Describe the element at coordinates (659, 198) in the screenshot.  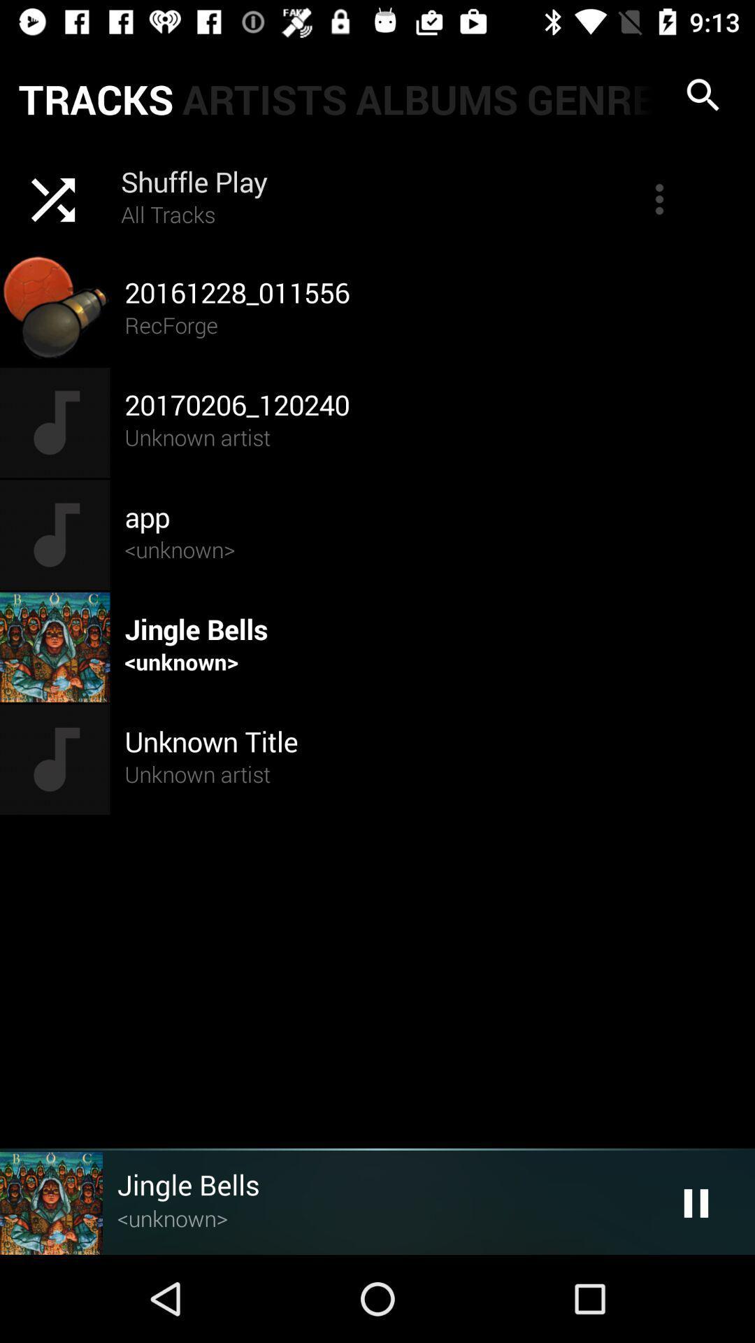
I see `options` at that location.